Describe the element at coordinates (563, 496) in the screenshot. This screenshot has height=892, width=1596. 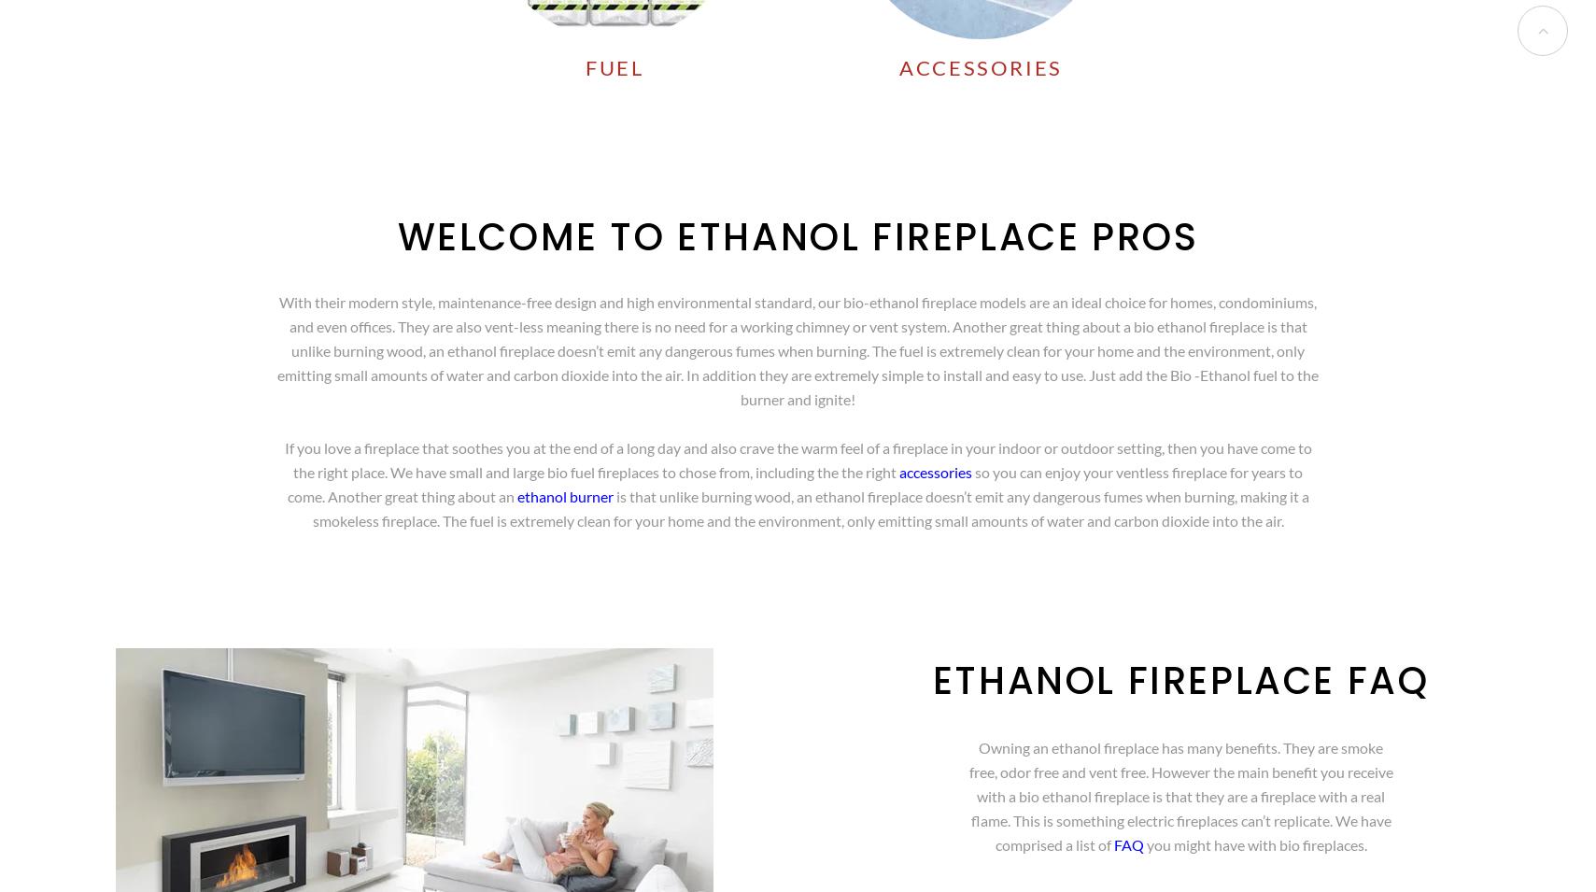
I see `'ethanol burner'` at that location.